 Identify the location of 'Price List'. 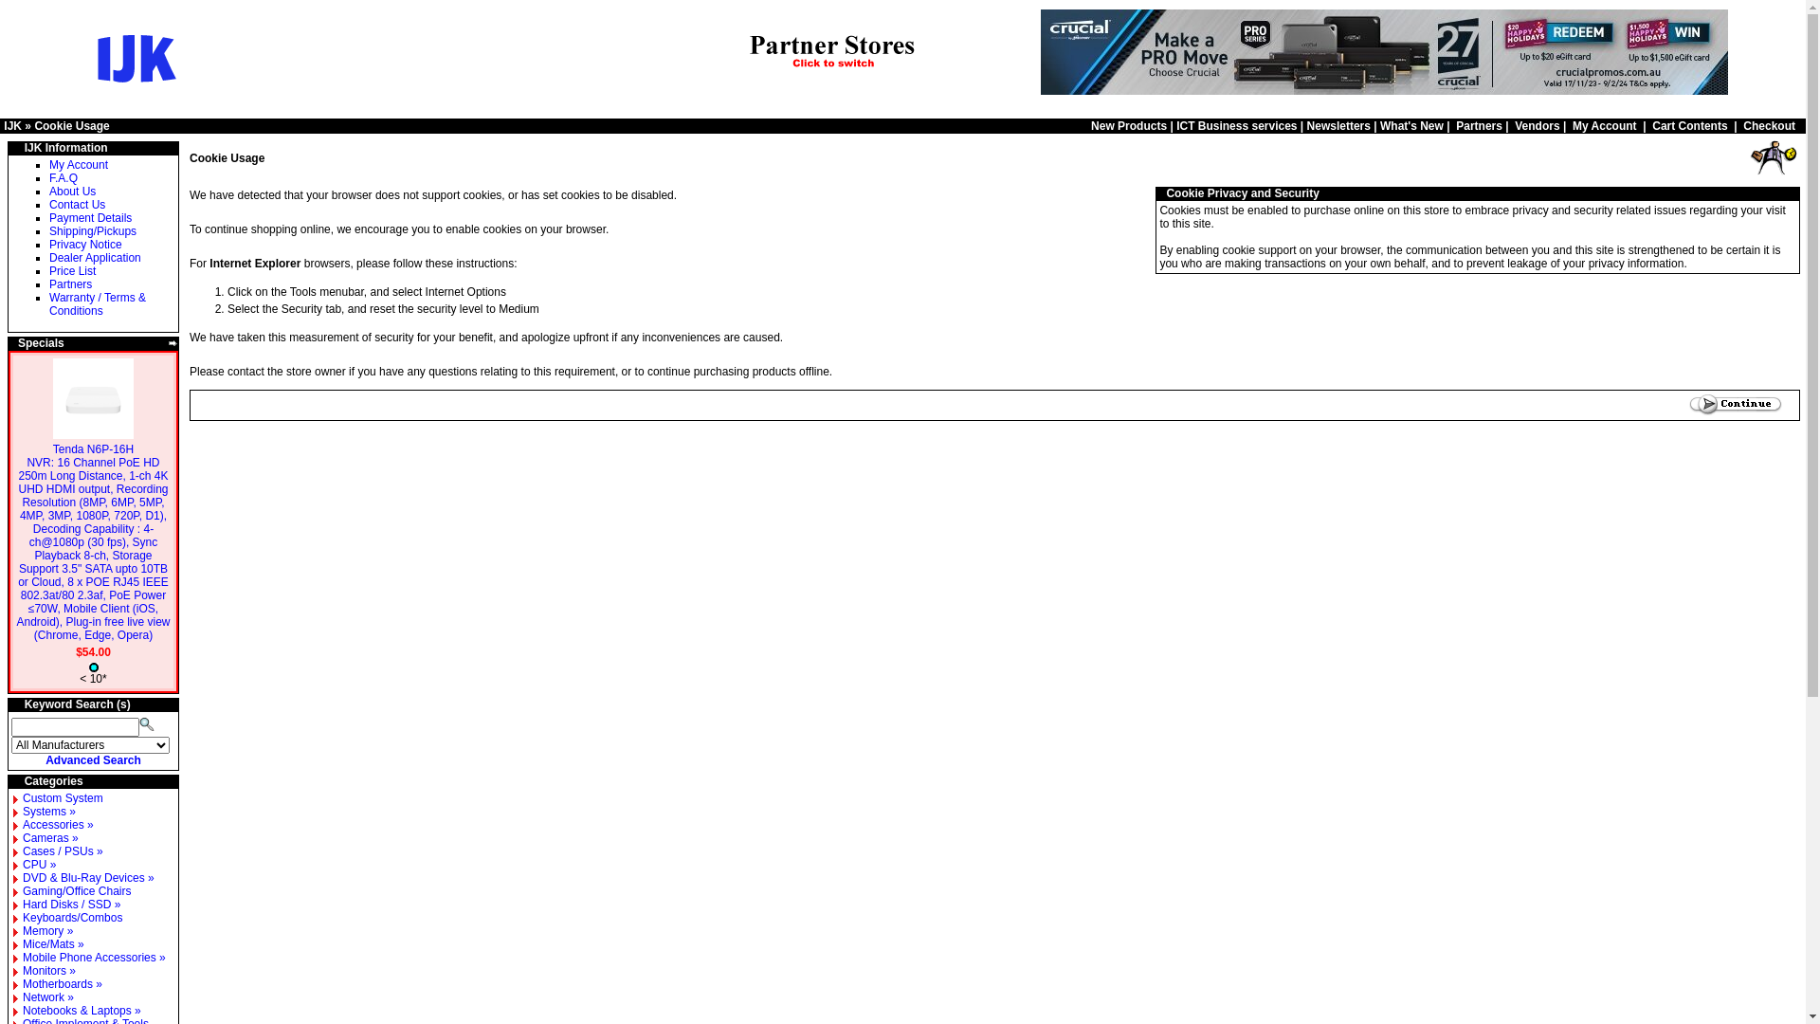
(72, 270).